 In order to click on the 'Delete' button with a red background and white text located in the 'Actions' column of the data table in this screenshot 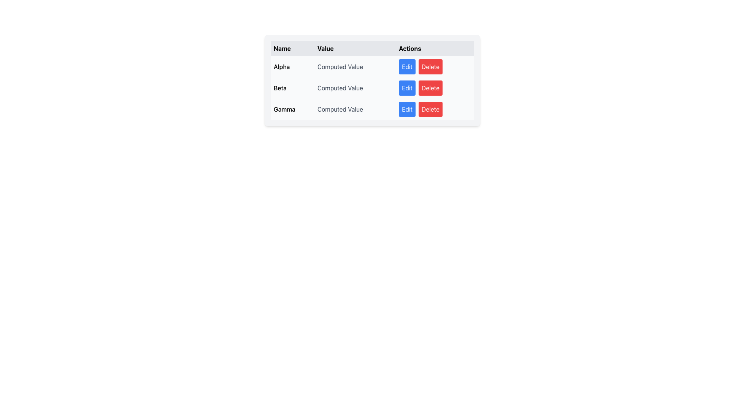, I will do `click(430, 109)`.